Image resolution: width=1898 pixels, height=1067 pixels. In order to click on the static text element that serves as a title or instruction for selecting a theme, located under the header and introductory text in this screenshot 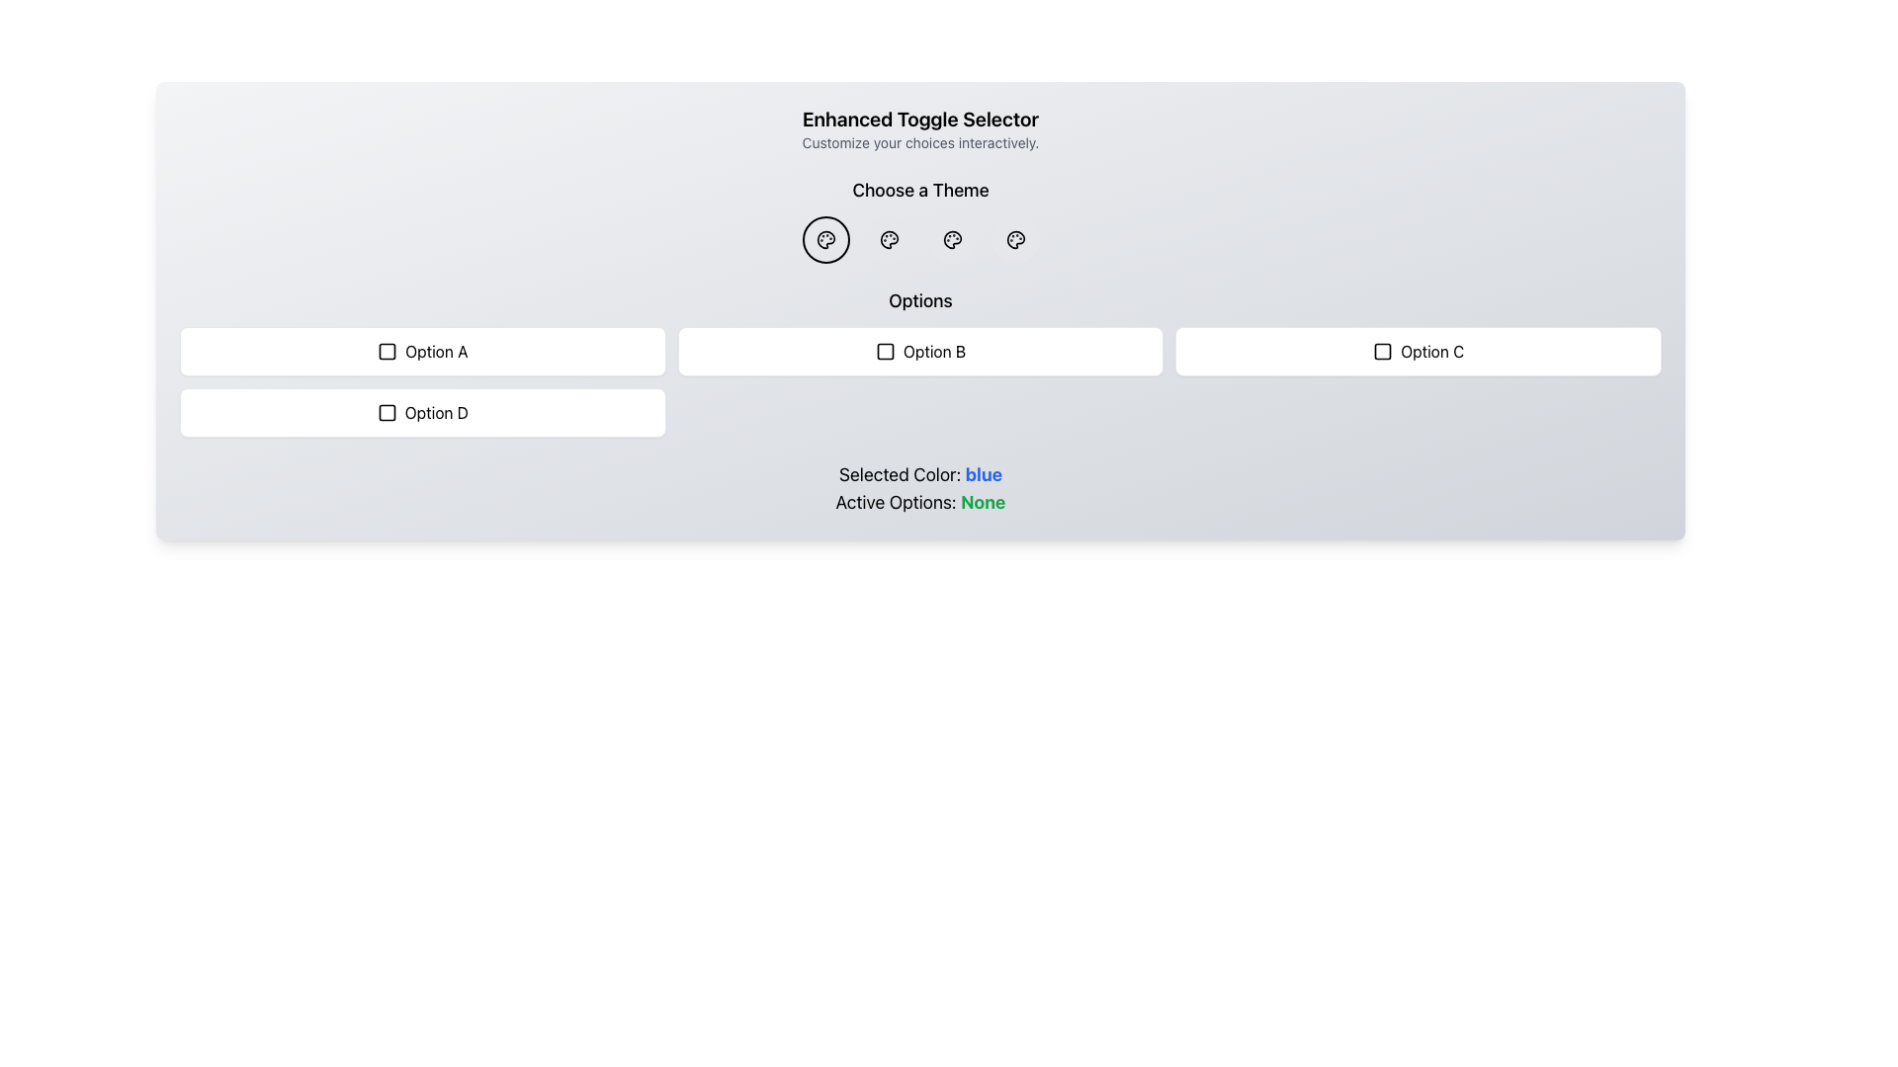, I will do `click(919, 190)`.